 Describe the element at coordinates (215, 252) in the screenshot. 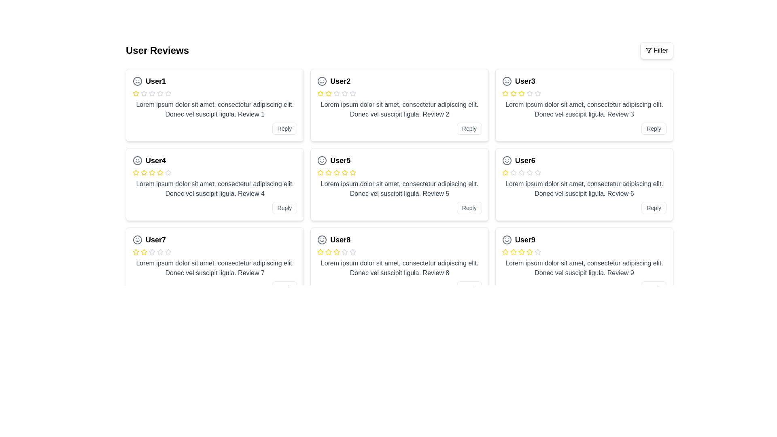

I see `the stars in the Rating display component for 'User7' to change the rating` at that location.